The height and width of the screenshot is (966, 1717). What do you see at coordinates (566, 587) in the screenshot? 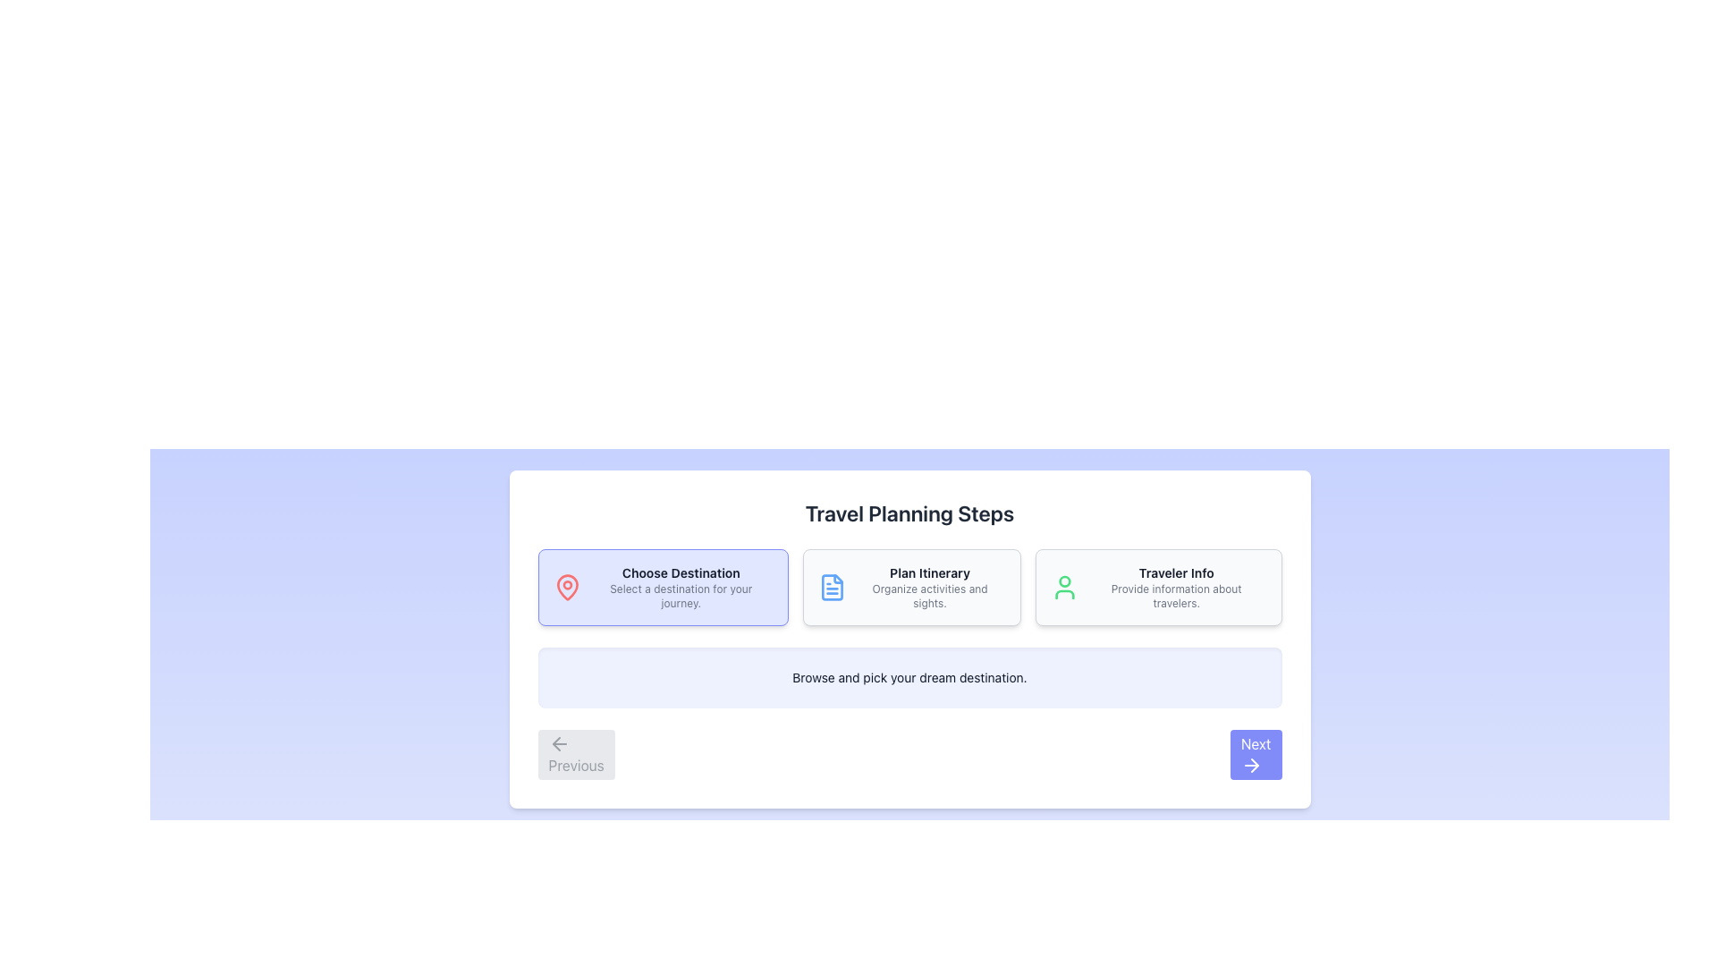
I see `the red pin-like icon associated with the 'Choose Destination' button, which is the leftmost button in a three-button horizontal layout` at bounding box center [566, 587].